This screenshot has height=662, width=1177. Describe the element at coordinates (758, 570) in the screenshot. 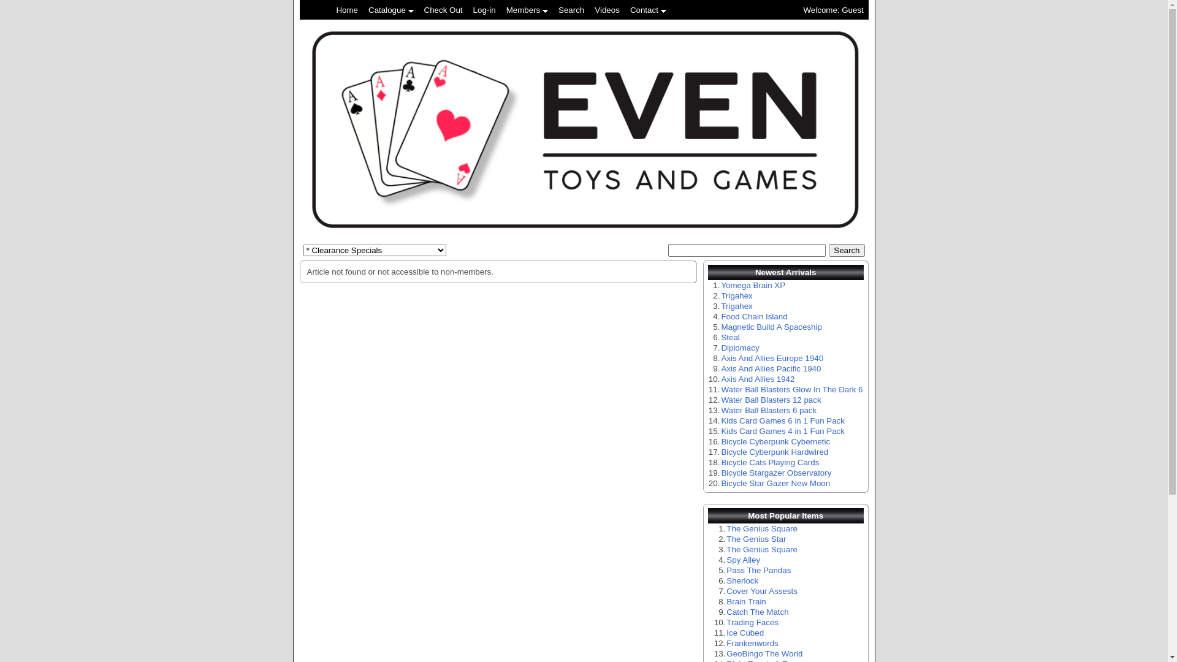

I see `'Pass The Pandas'` at that location.